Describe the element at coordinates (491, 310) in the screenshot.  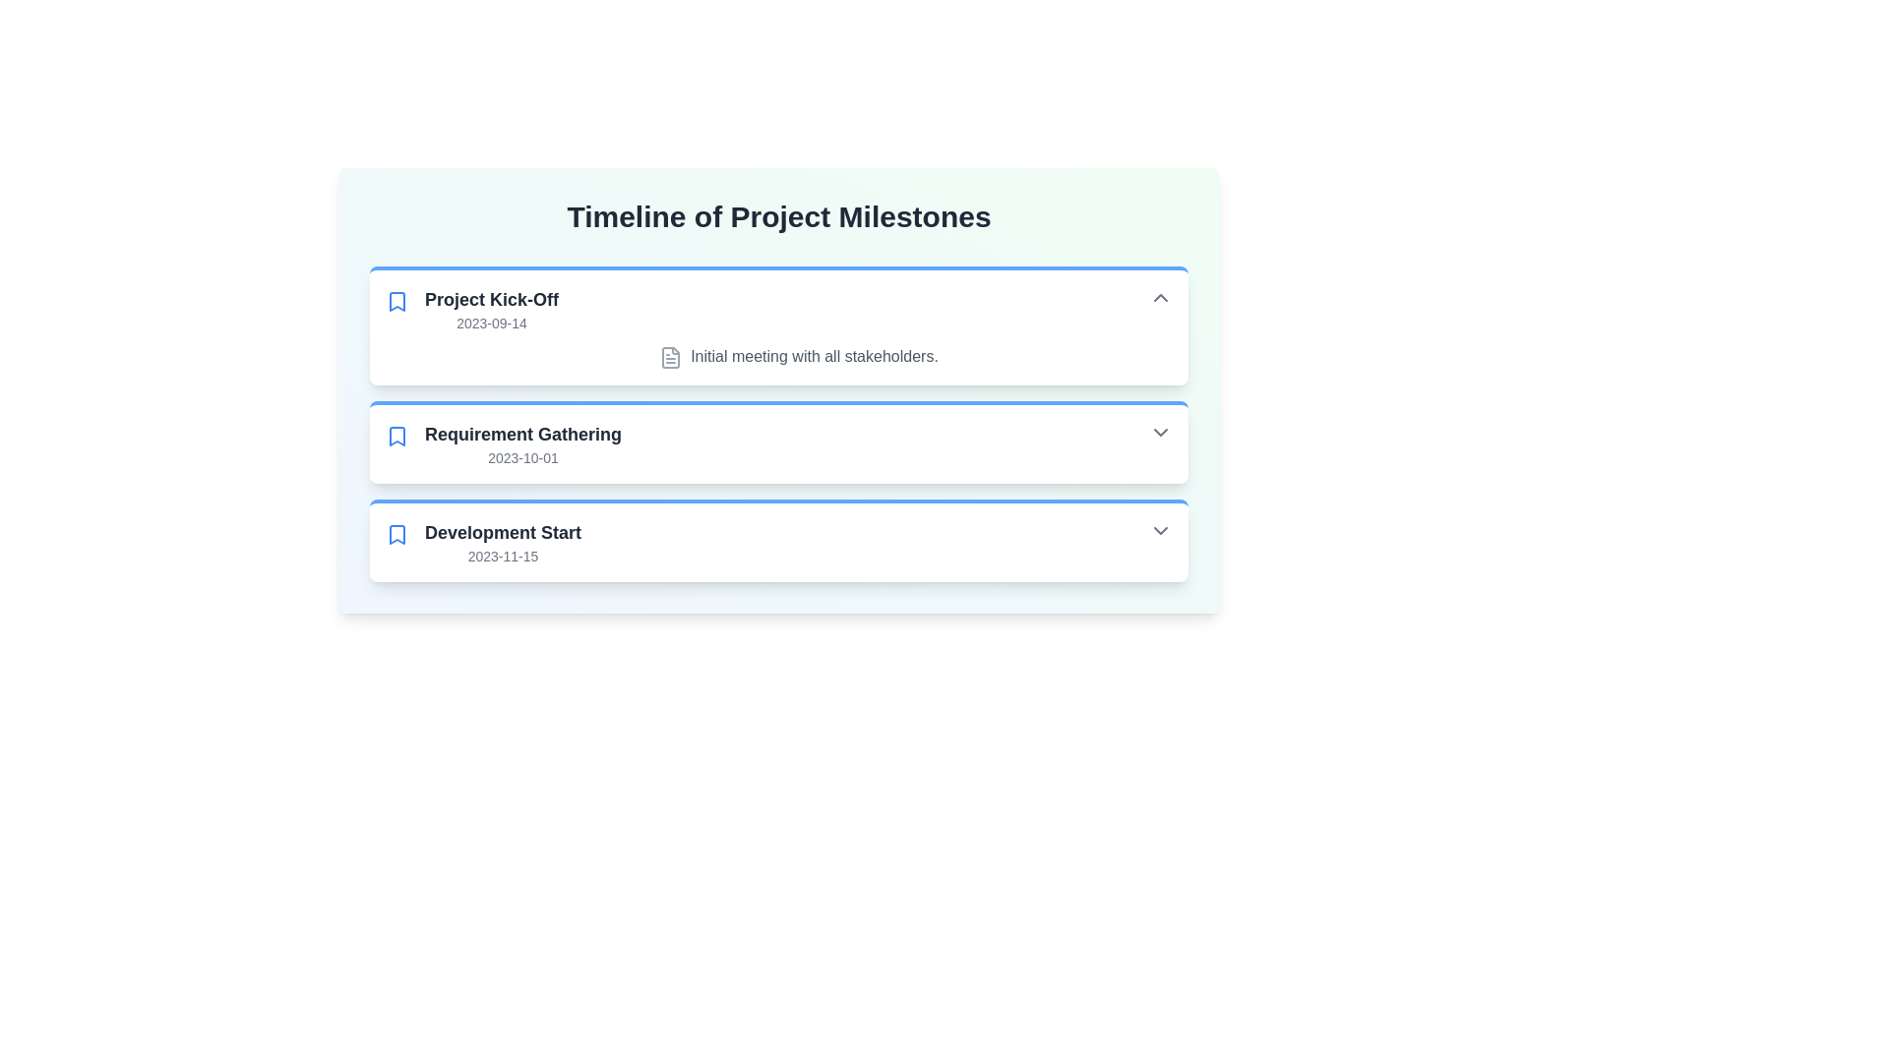
I see `text from the 'Project Kick-Off' label located in the topmost card of the vertical list, which displays the title in bold dark gray and the date below in lighter gray` at that location.